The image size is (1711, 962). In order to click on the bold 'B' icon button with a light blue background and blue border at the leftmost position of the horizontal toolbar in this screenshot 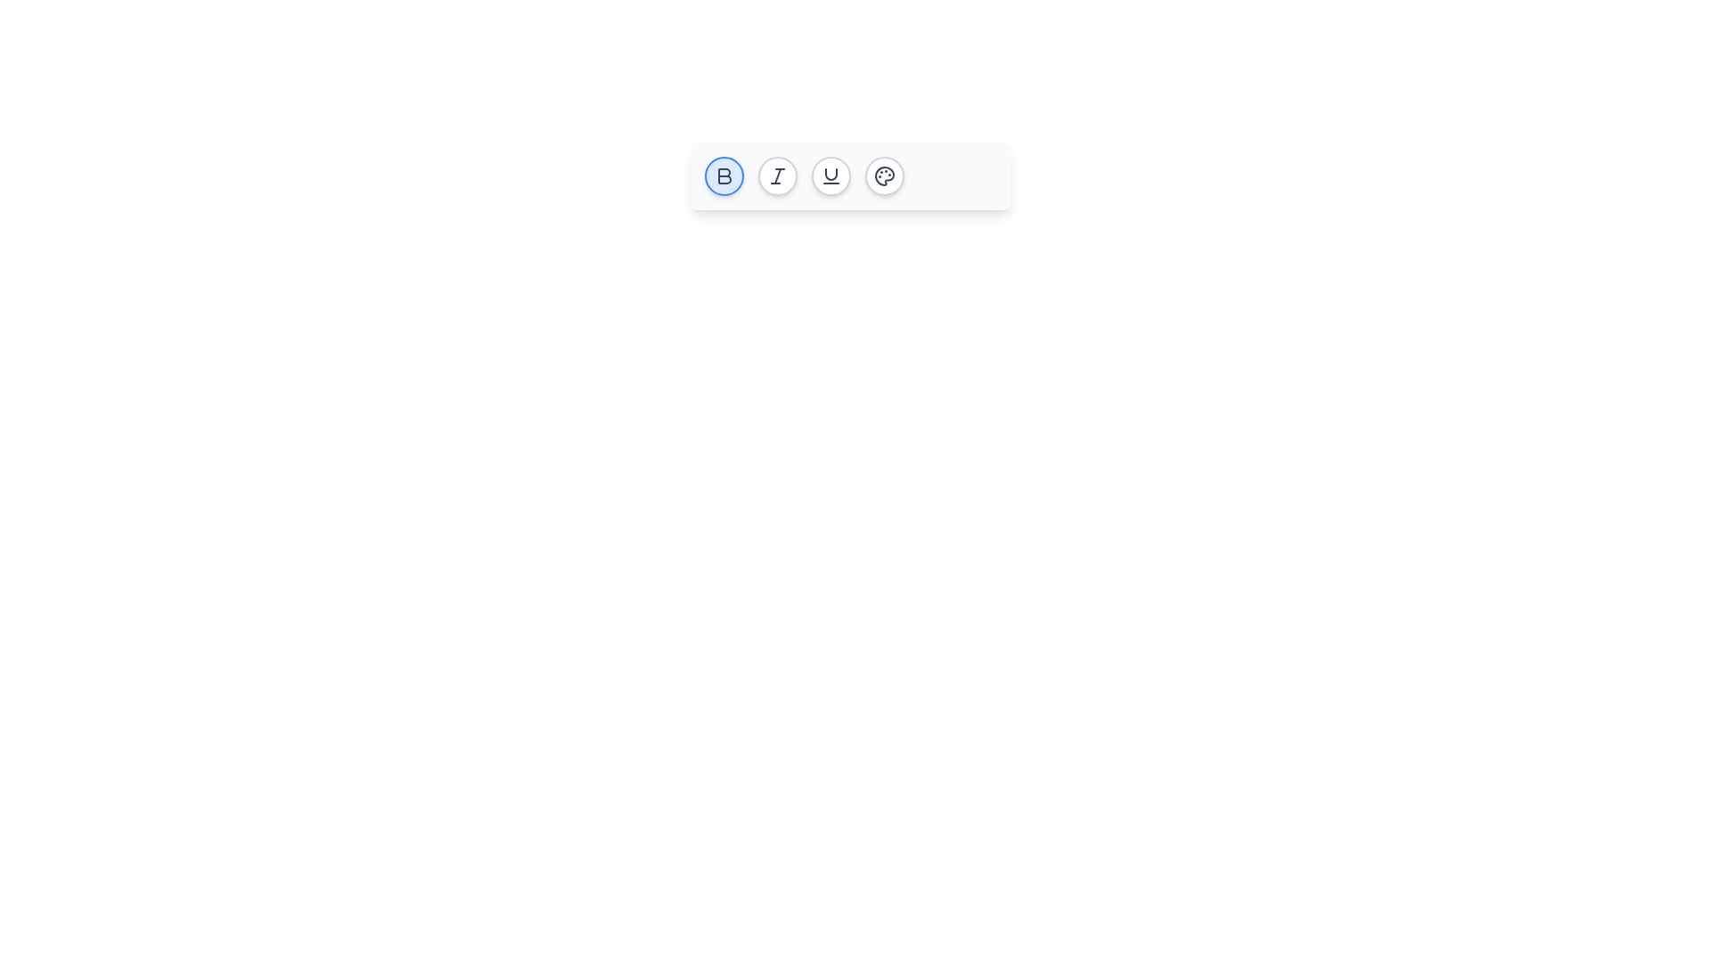, I will do `click(724, 175)`.